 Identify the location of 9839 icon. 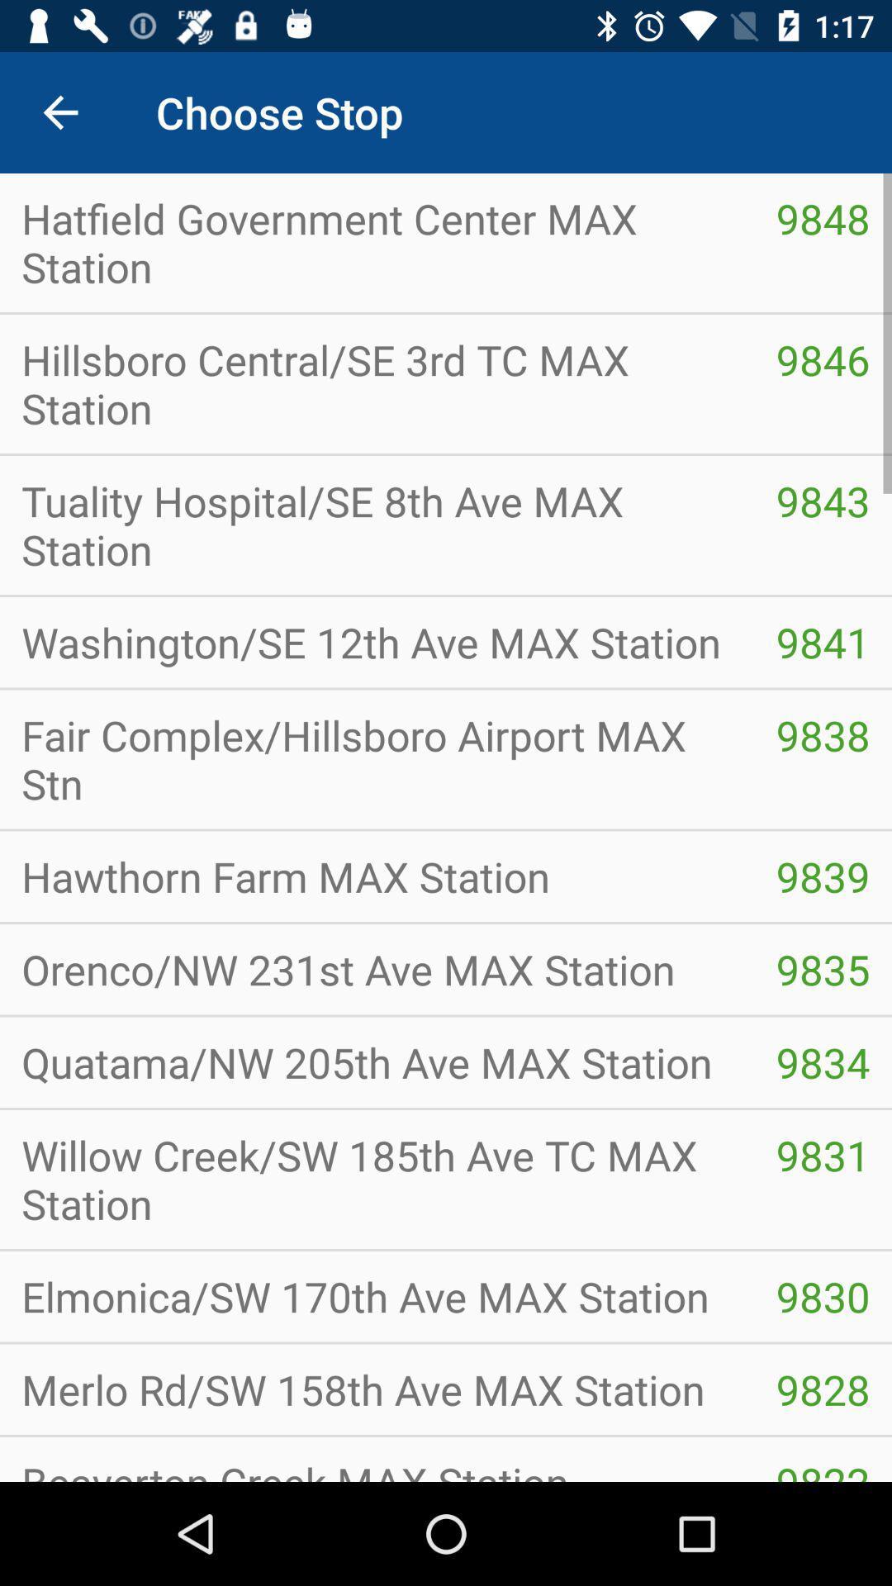
(823, 876).